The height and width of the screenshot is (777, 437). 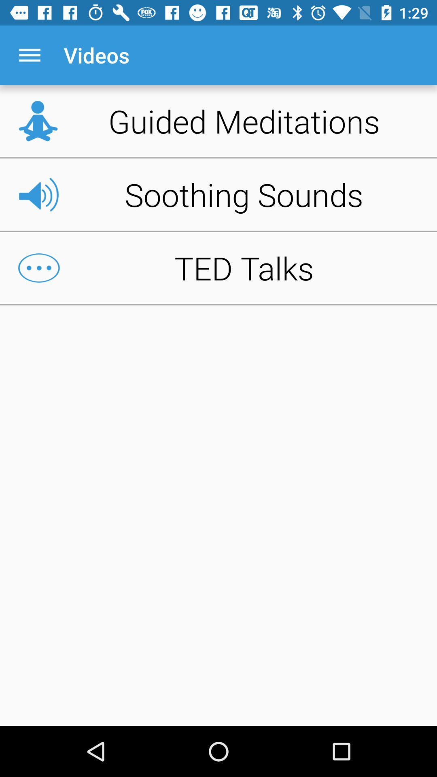 I want to click on app to the left of videos, so click(x=29, y=55).